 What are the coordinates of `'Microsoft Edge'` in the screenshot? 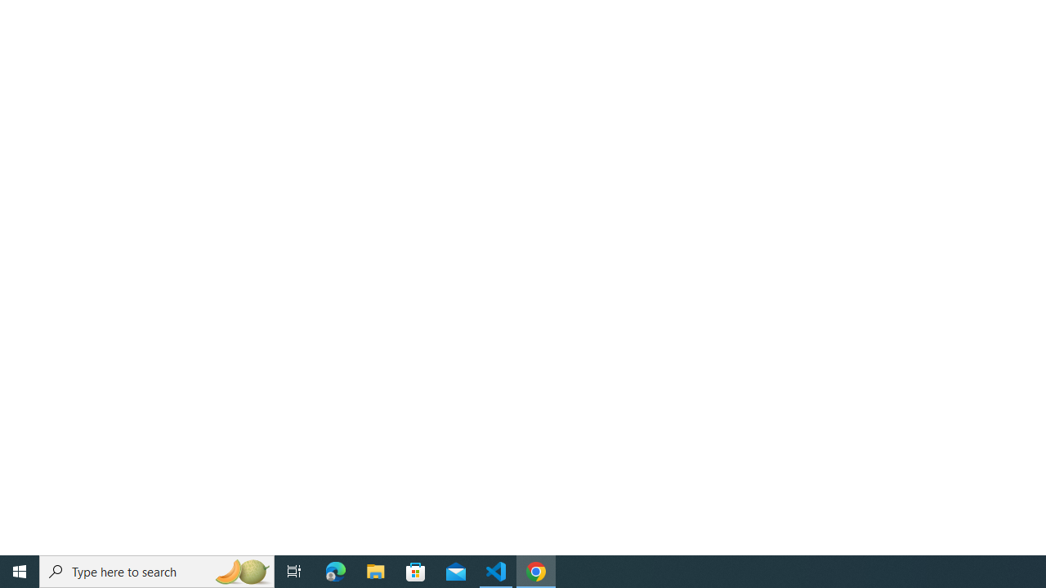 It's located at (335, 570).